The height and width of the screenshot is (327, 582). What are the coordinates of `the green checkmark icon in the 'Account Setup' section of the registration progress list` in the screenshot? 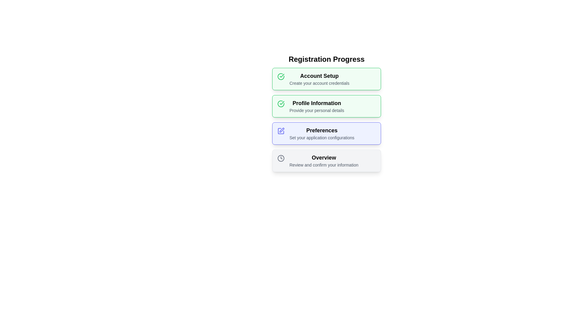 It's located at (282, 102).